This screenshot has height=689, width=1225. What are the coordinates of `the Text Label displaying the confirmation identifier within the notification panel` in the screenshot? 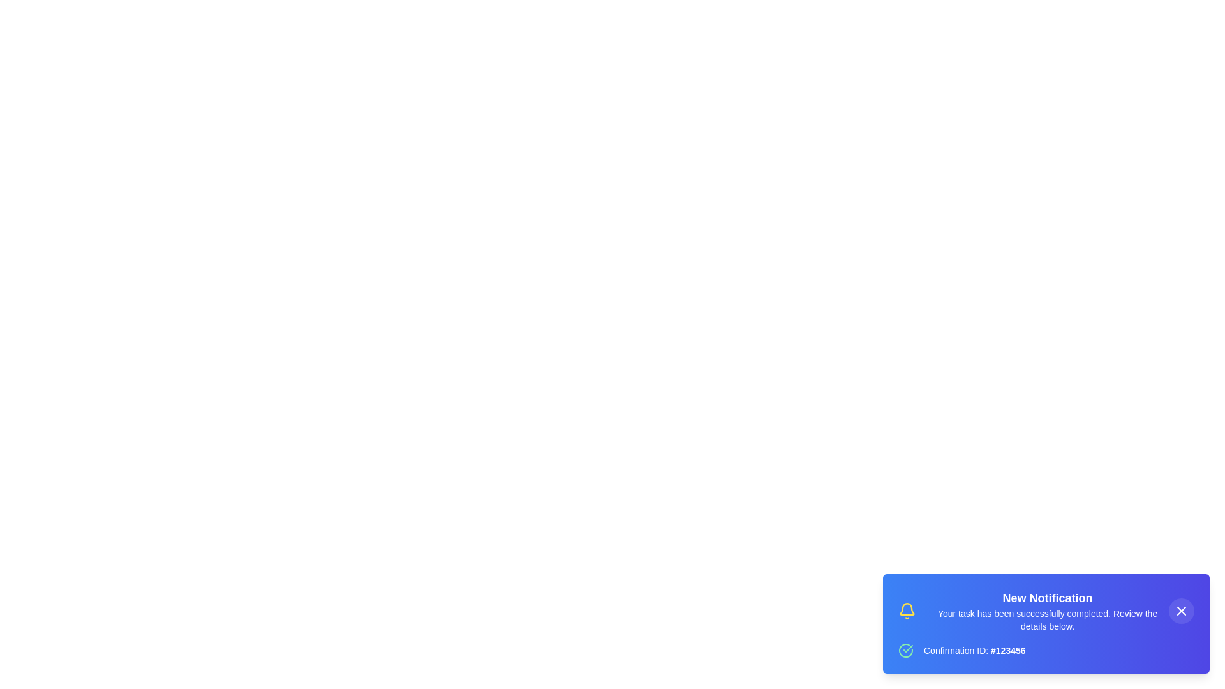 It's located at (974, 650).